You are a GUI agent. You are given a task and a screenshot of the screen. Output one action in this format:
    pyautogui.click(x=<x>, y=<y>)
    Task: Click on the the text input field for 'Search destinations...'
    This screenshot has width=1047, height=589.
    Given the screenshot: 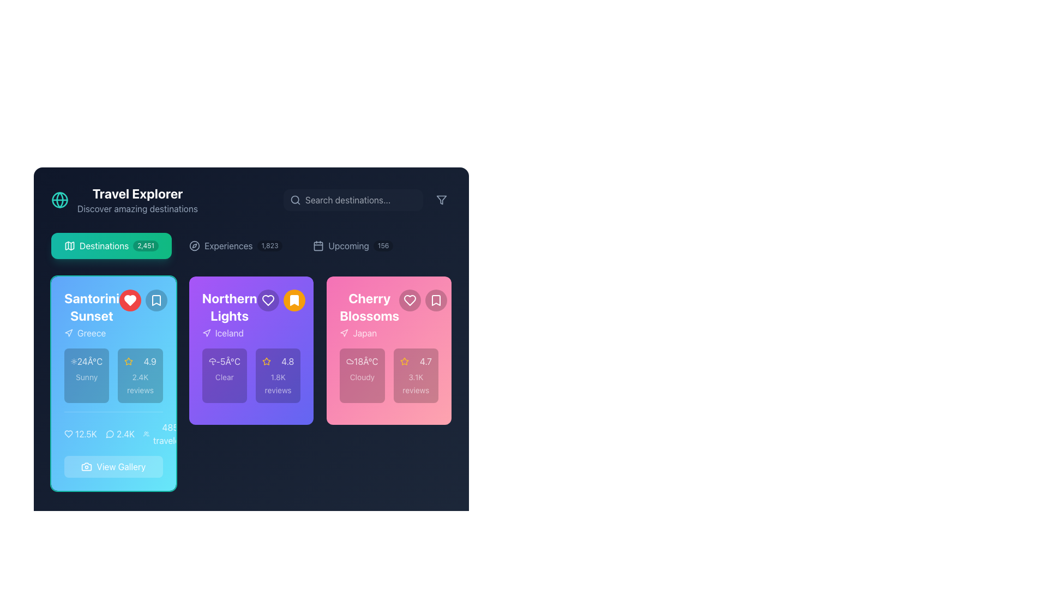 What is the action you would take?
    pyautogui.click(x=353, y=200)
    